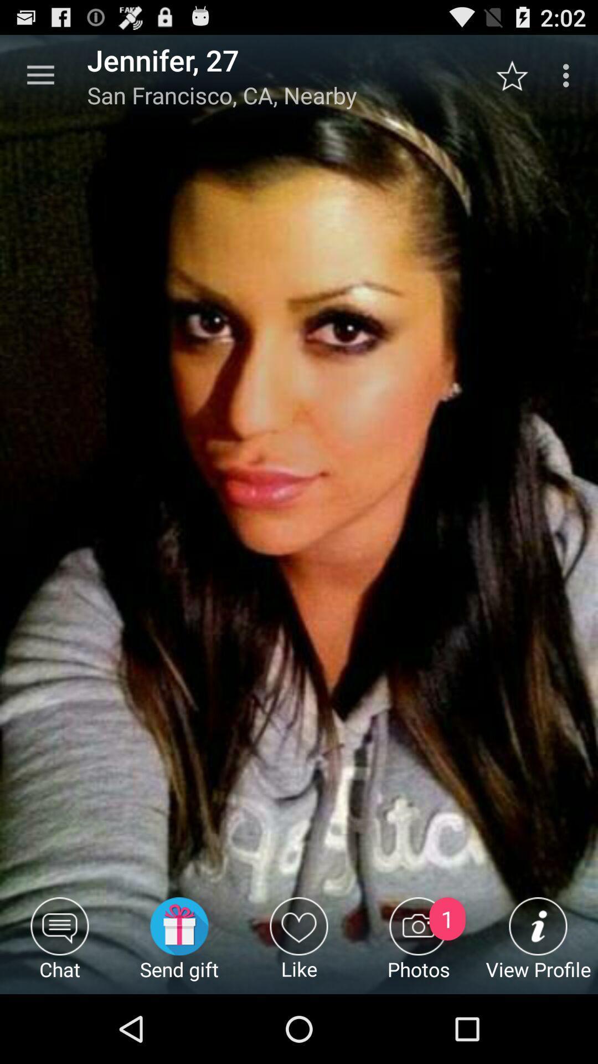 The image size is (598, 1064). I want to click on the icon next to the send gift, so click(60, 945).